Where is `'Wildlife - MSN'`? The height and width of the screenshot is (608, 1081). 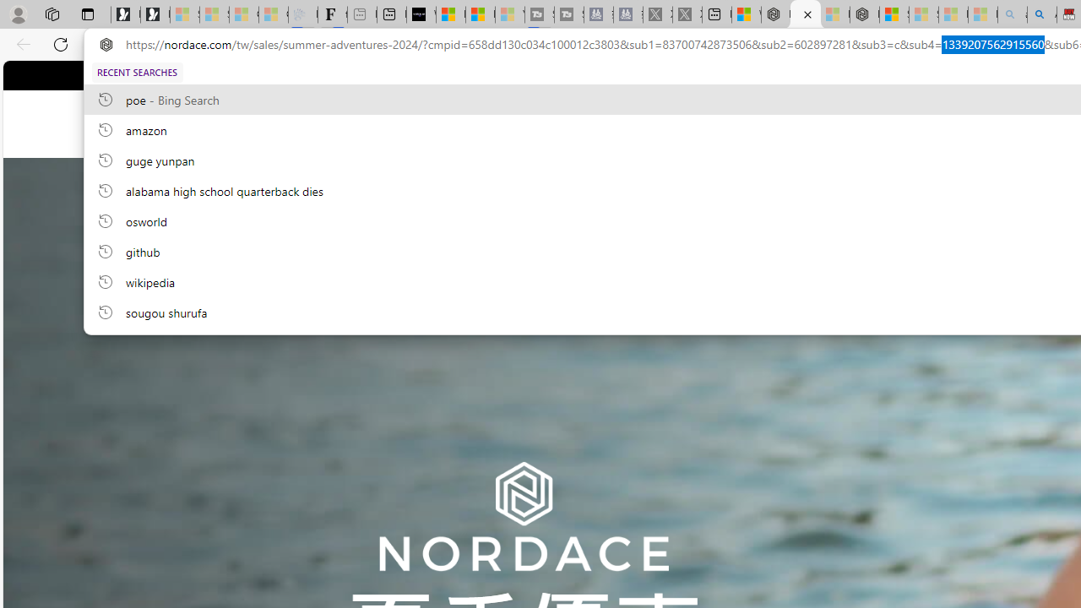 'Wildlife - MSN' is located at coordinates (745, 14).